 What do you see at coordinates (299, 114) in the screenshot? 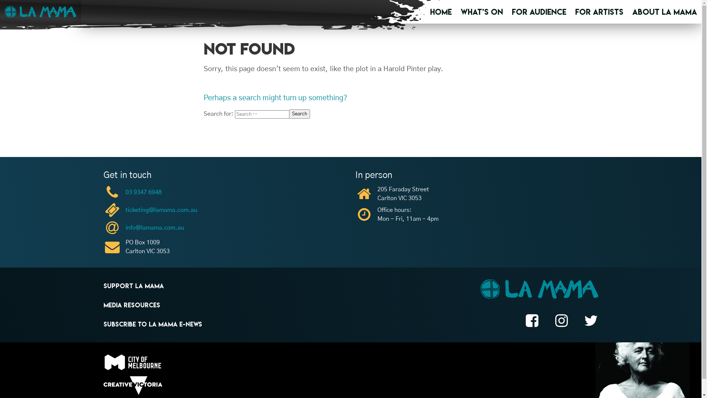
I see `'Search'` at bounding box center [299, 114].